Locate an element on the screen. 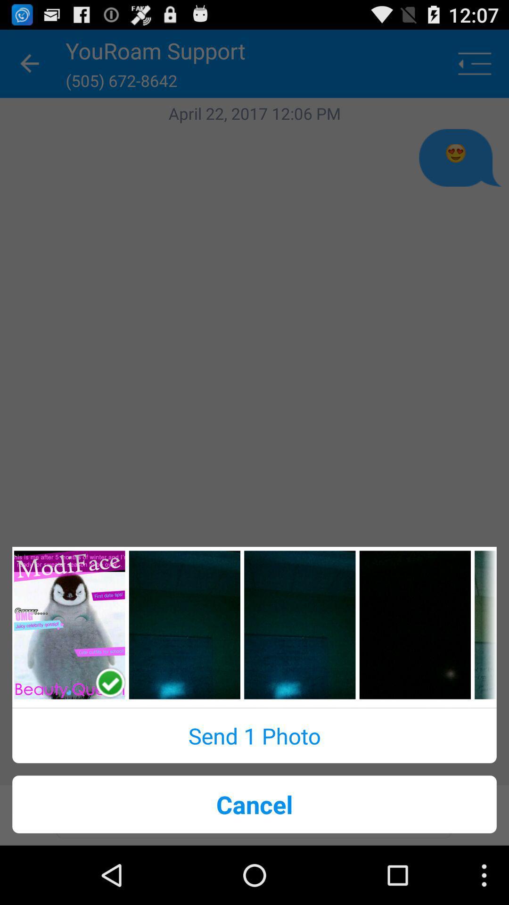  a picture to be send is located at coordinates (184, 625).